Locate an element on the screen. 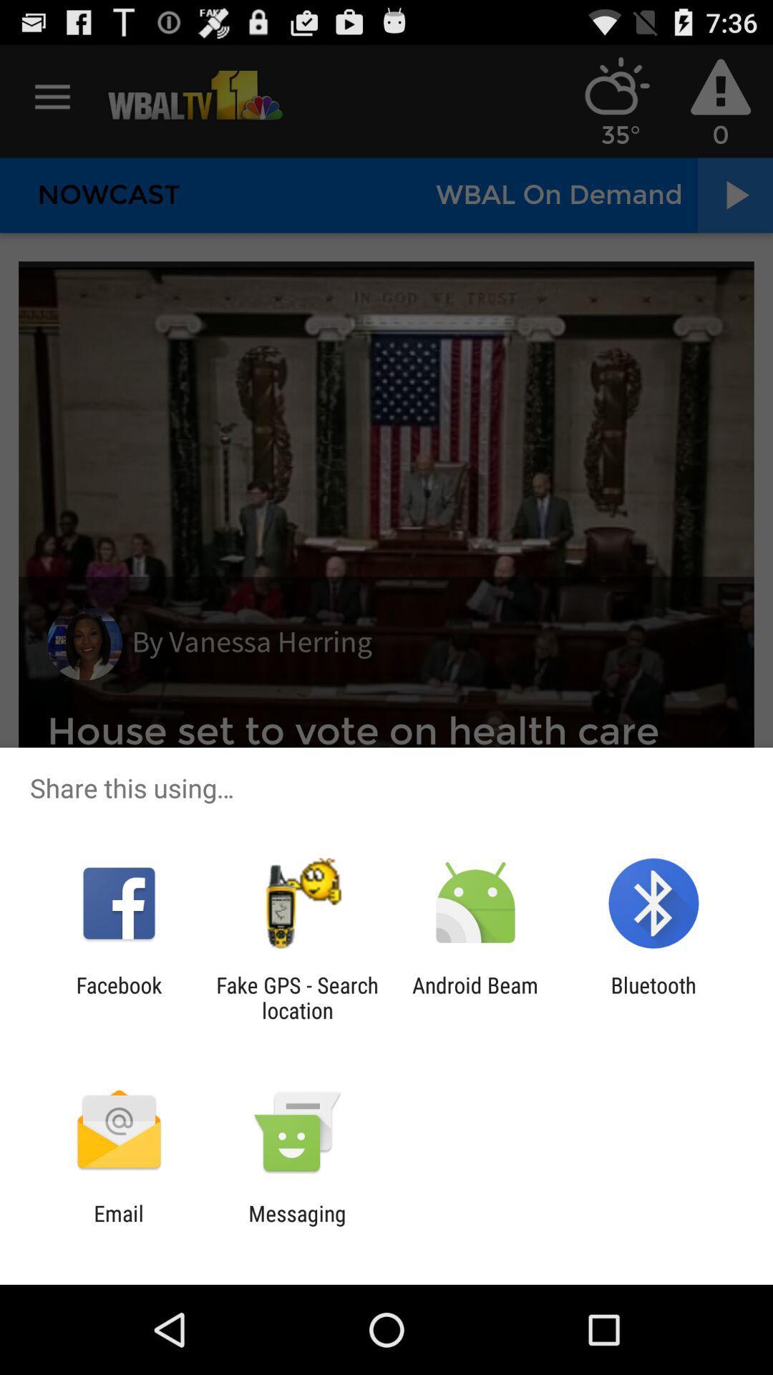 This screenshot has width=773, height=1375. the fake gps search app is located at coordinates (296, 997).